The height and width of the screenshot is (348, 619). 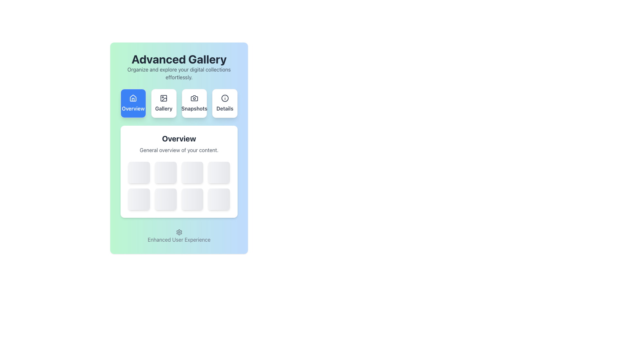 What do you see at coordinates (179, 232) in the screenshot?
I see `the gear-shaped icon located above the text 'Enhanced User Experience' for interaction` at bounding box center [179, 232].